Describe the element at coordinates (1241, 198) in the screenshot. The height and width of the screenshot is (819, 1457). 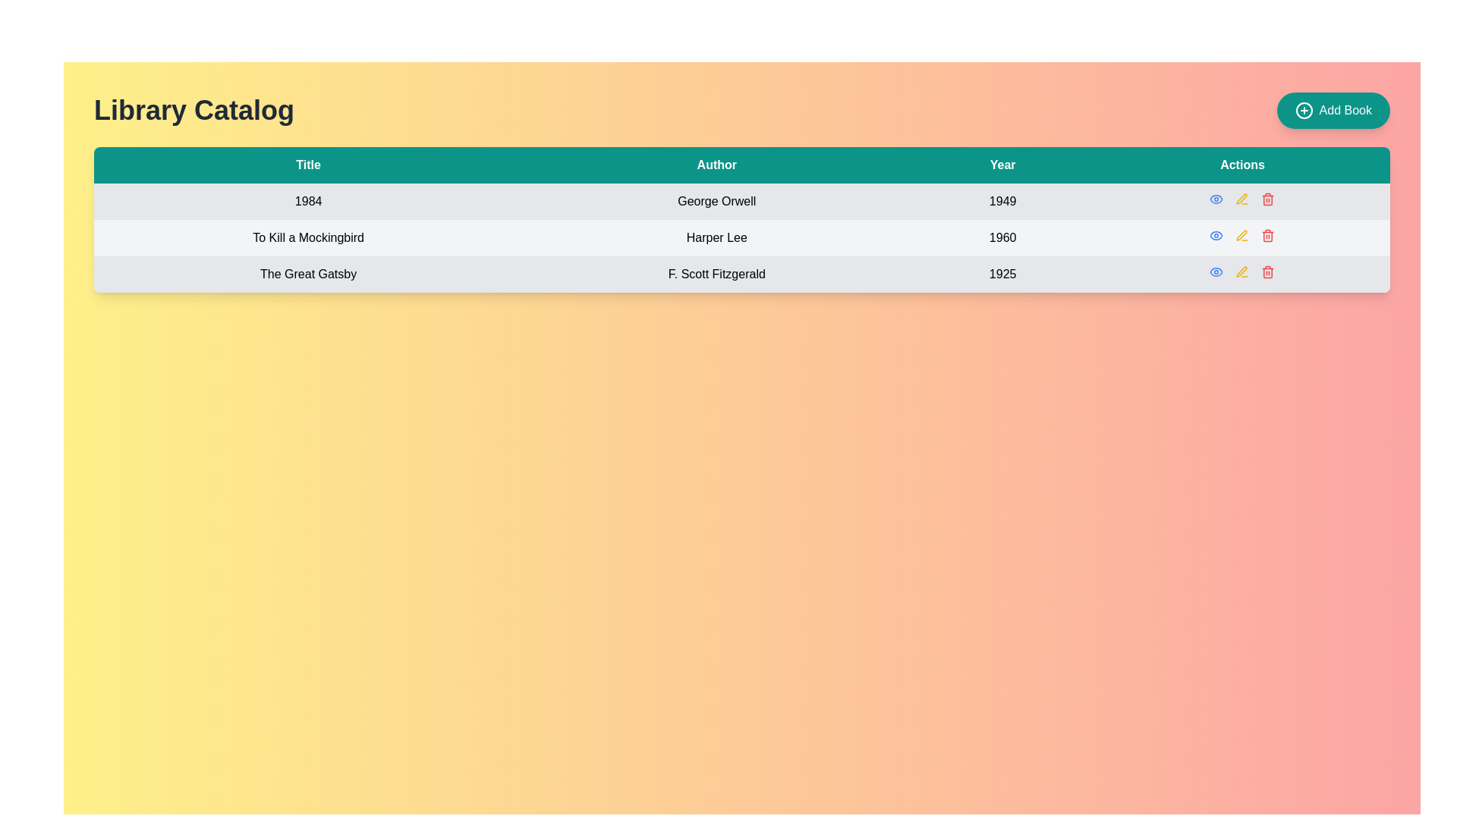
I see `the pen-shaped icon in the 'Actions' column of the second row` at that location.